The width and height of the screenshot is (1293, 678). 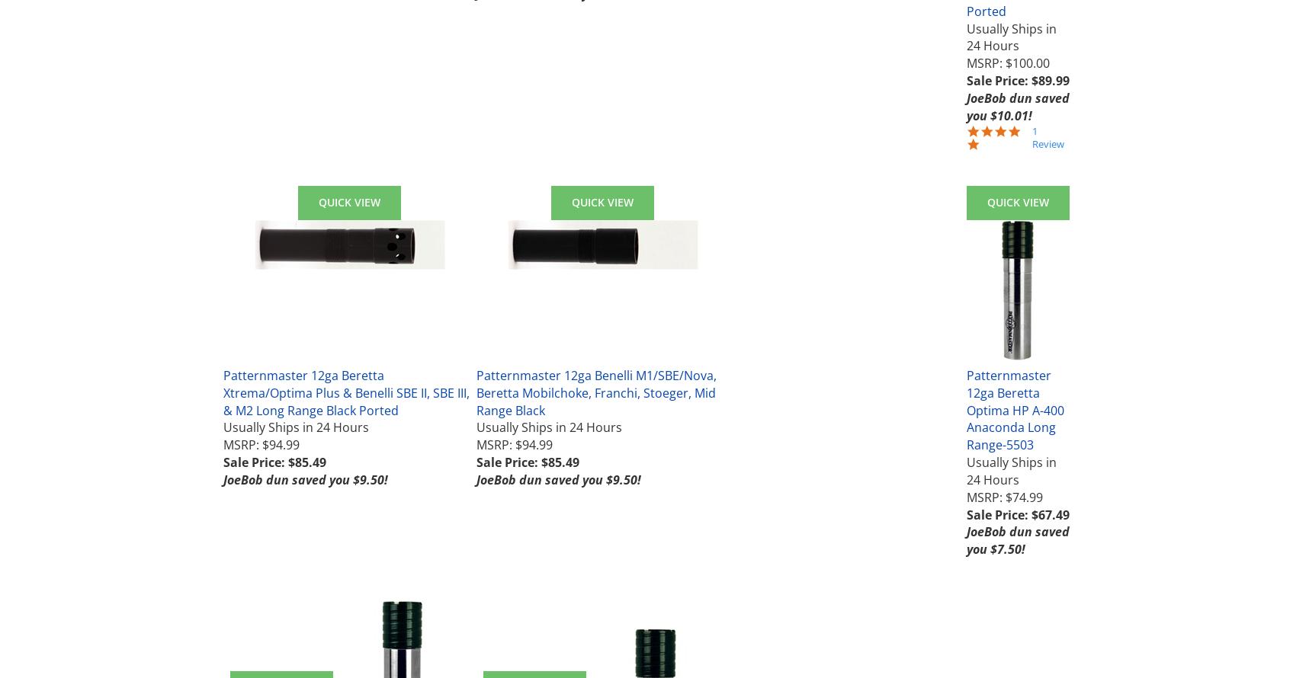 What do you see at coordinates (965, 497) in the screenshot?
I see `'MSRP: $74.99'` at bounding box center [965, 497].